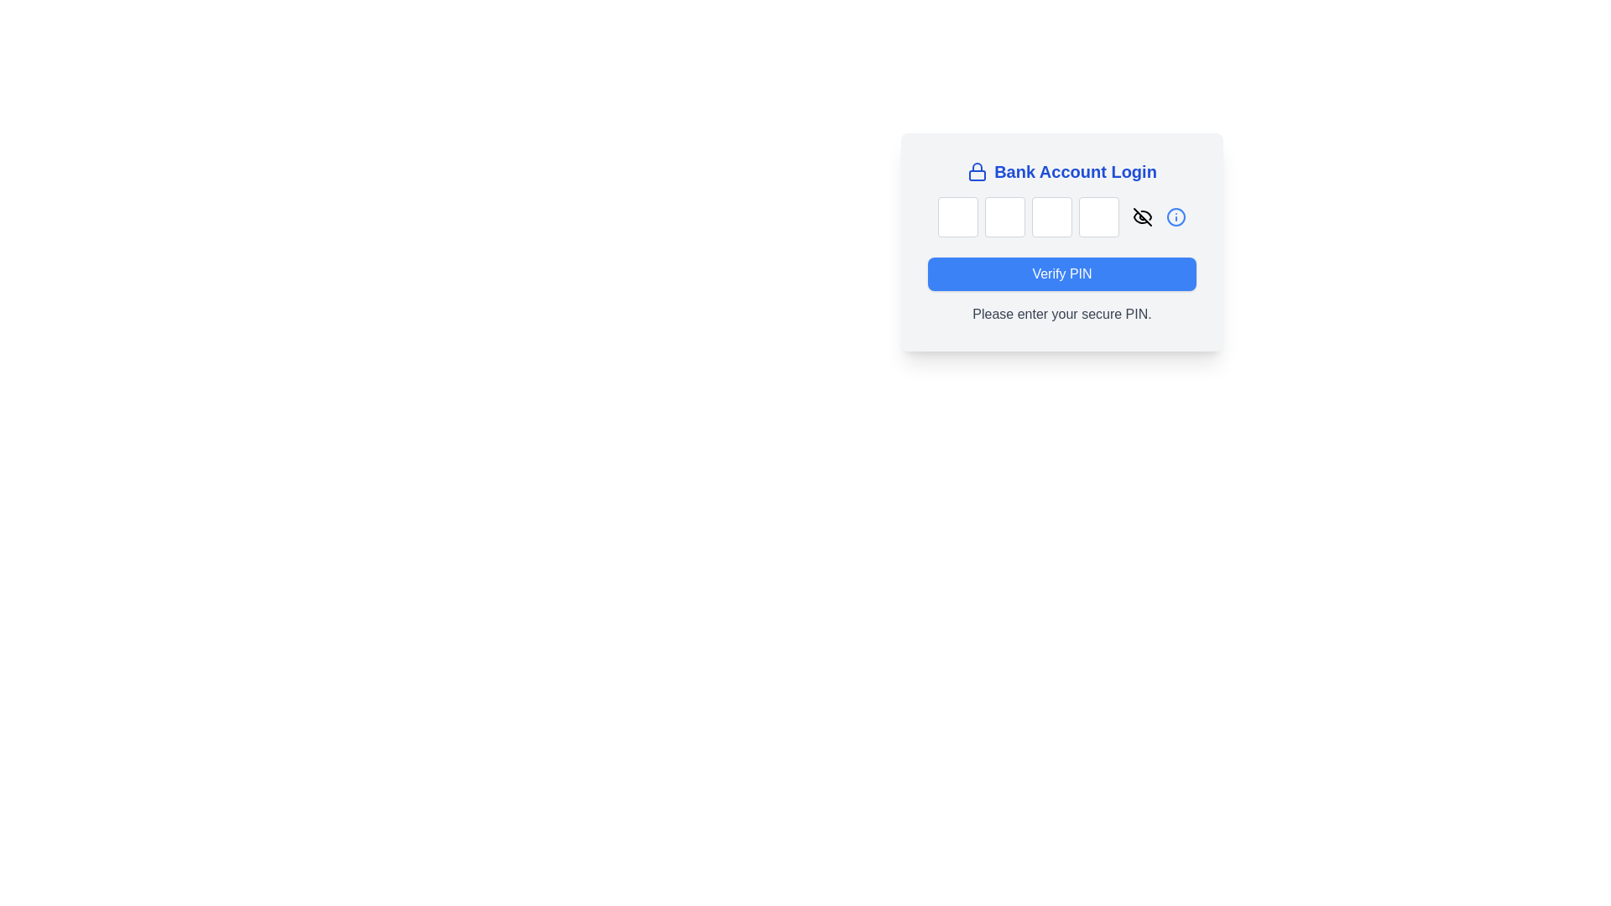 The width and height of the screenshot is (1611, 906). I want to click on the lock icon with a blue outline located to the left of the 'Bank Account Login' text, indicating security-related content, so click(978, 171).